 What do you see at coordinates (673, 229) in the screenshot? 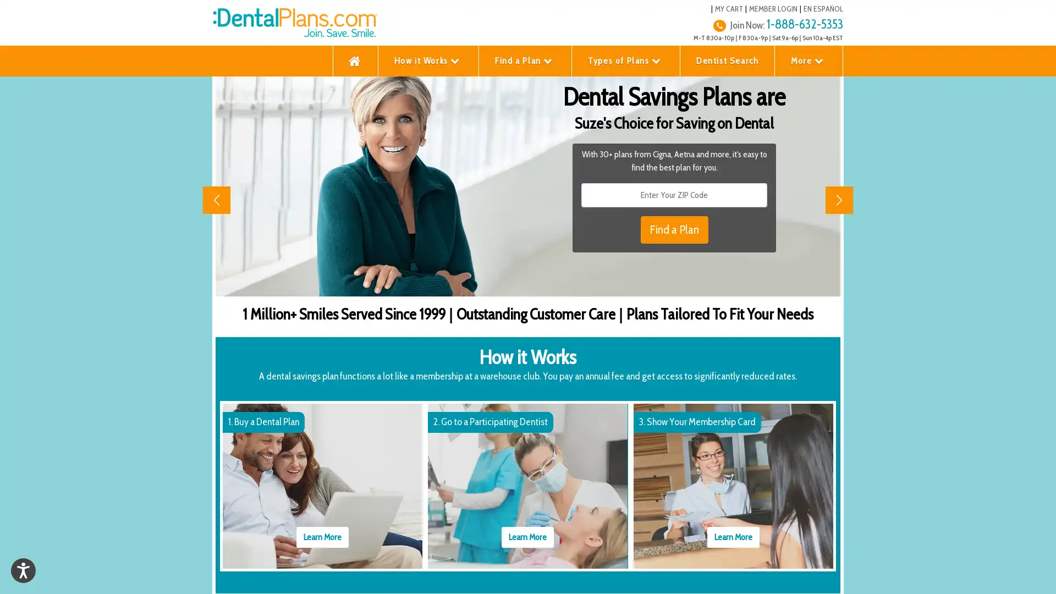
I see `Find a Plan` at bounding box center [673, 229].